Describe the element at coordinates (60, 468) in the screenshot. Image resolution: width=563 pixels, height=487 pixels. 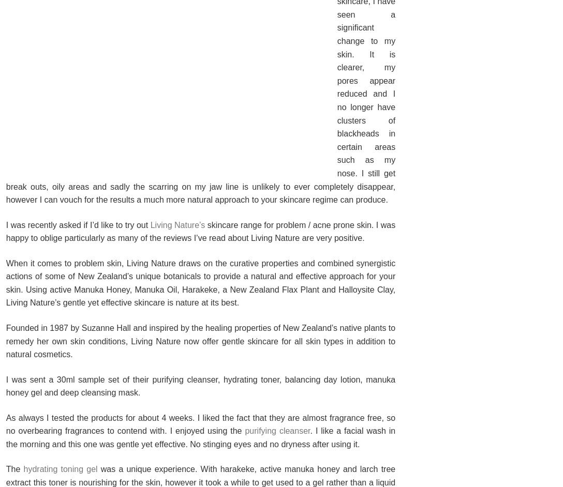
I see `'hydrating toning gel'` at that location.